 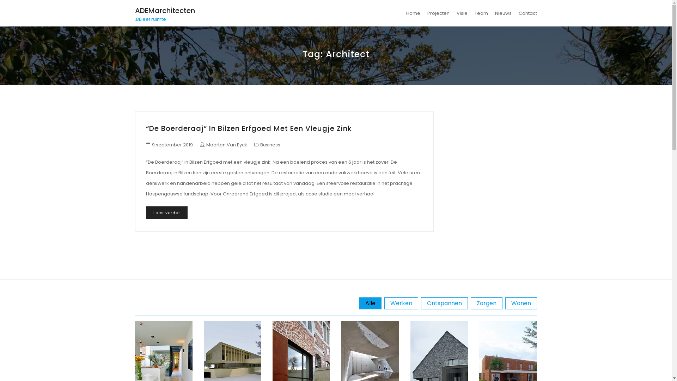 I want to click on 'Werken', so click(x=401, y=303).